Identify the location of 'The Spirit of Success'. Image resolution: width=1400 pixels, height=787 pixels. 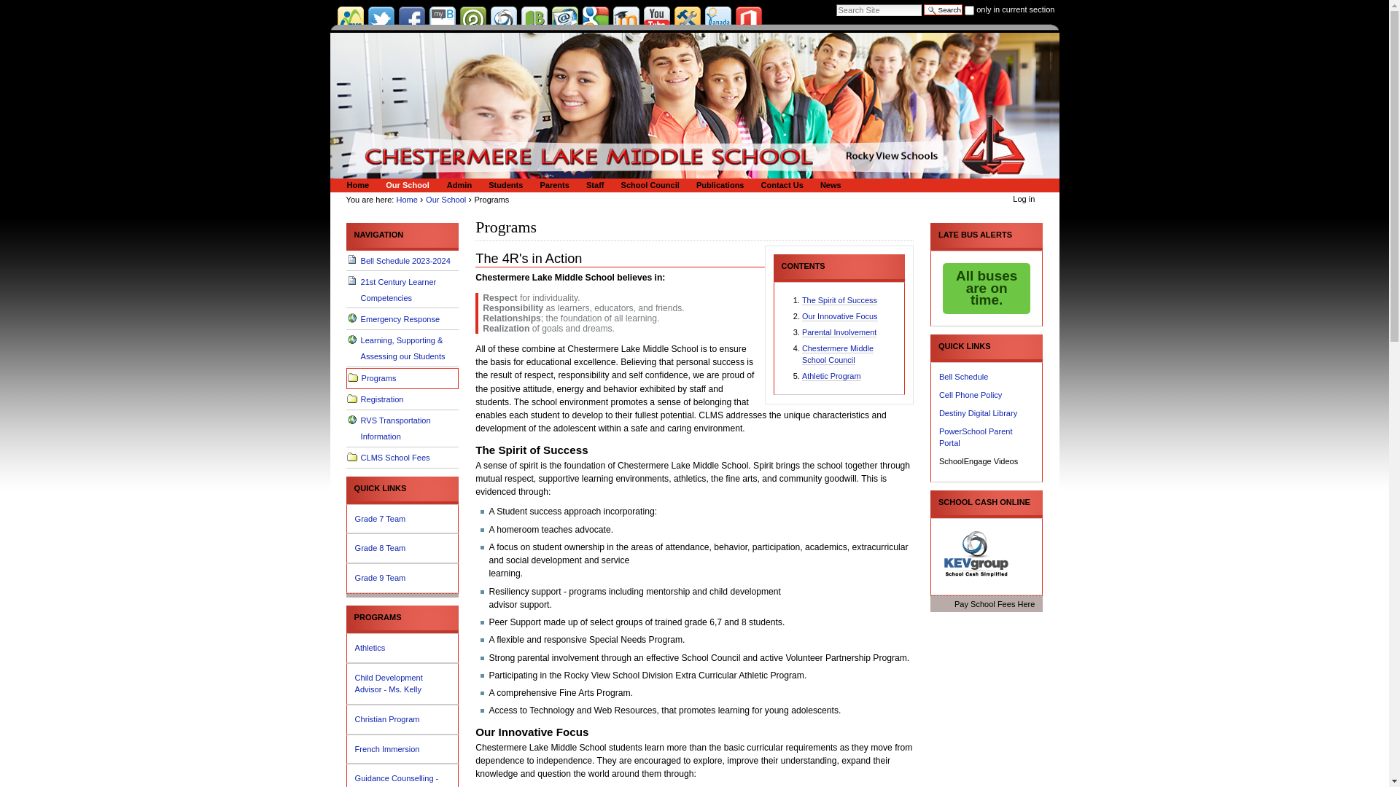
(839, 299).